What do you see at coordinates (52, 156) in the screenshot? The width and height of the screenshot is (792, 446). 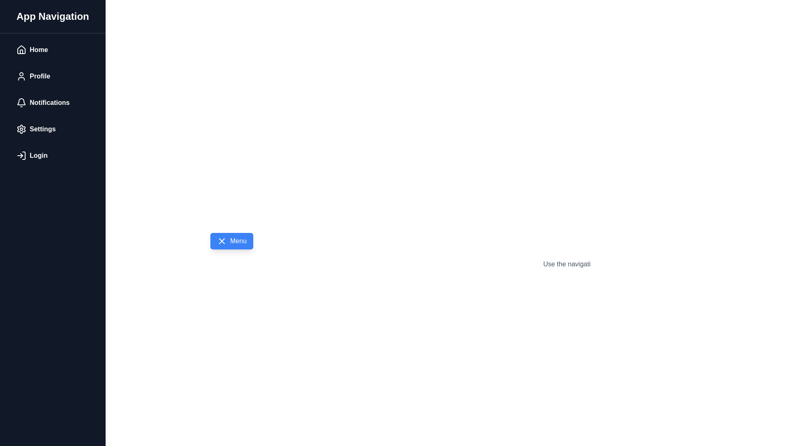 I see `the Navigation Button, the fifth item in the sidebar menu, to activate hover effects` at bounding box center [52, 156].